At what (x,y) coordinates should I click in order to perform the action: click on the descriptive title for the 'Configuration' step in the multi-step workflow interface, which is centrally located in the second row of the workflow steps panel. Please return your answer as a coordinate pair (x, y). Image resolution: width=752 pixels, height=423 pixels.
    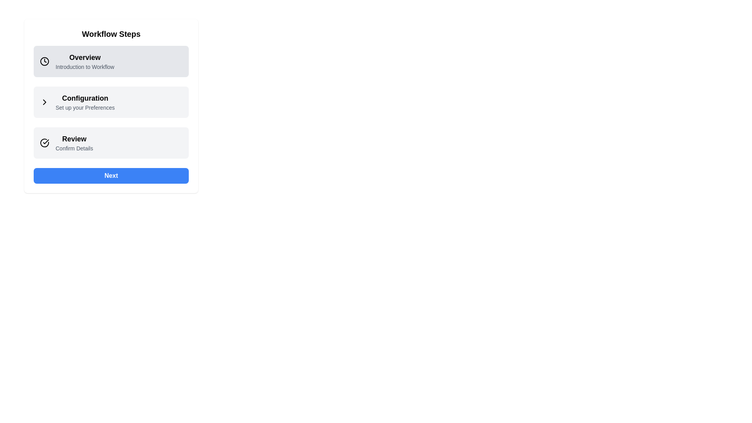
    Looking at the image, I should click on (85, 102).